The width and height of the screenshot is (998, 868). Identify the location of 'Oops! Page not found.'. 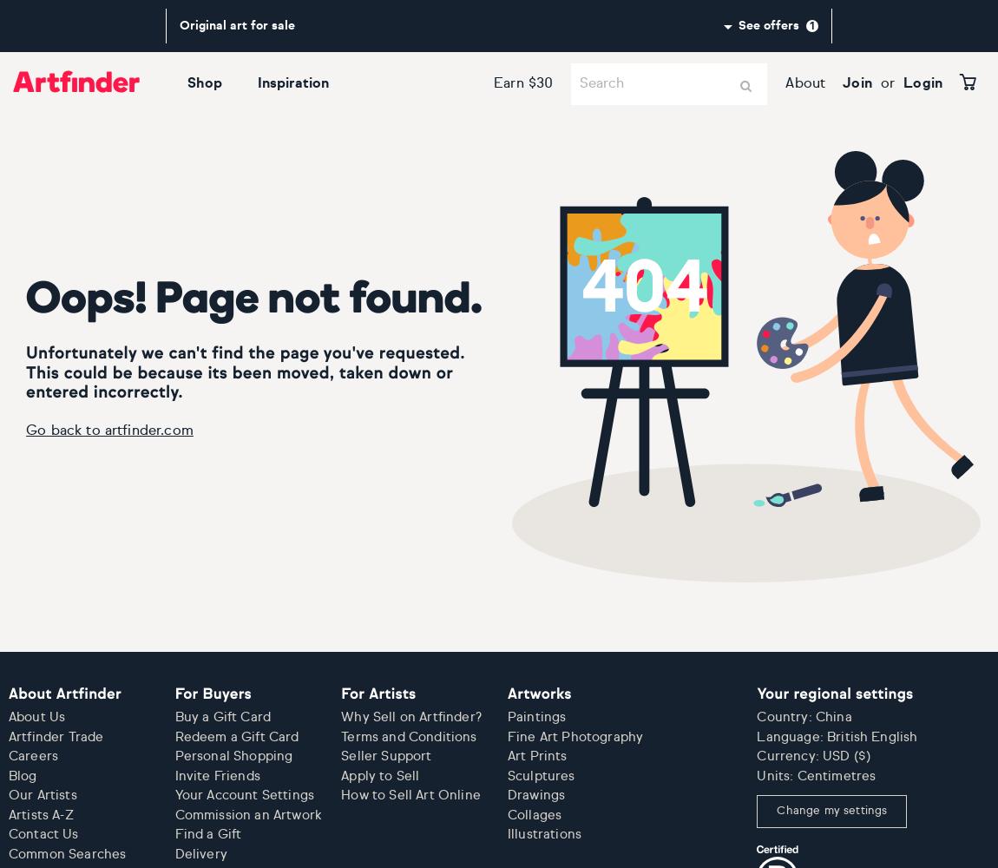
(254, 299).